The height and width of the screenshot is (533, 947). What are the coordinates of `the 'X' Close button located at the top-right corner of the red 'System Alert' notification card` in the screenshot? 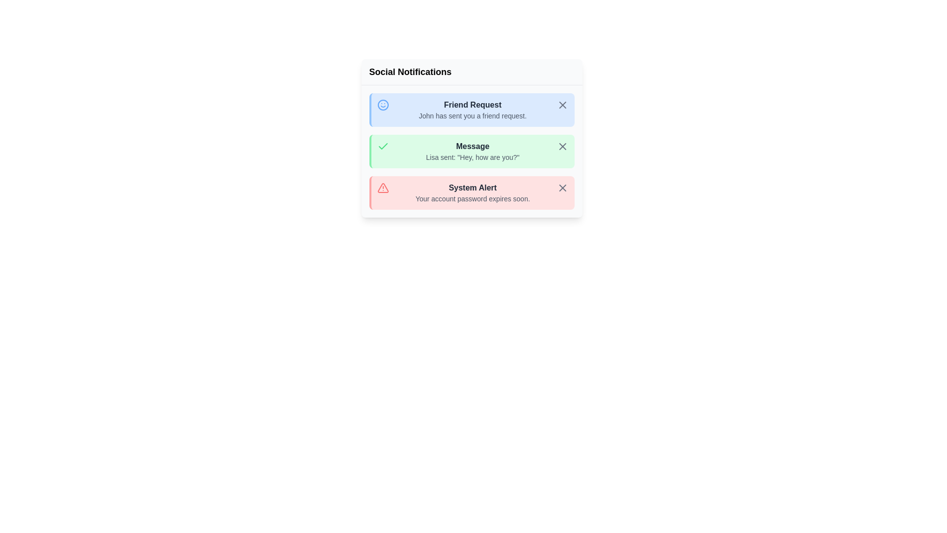 It's located at (562, 188).